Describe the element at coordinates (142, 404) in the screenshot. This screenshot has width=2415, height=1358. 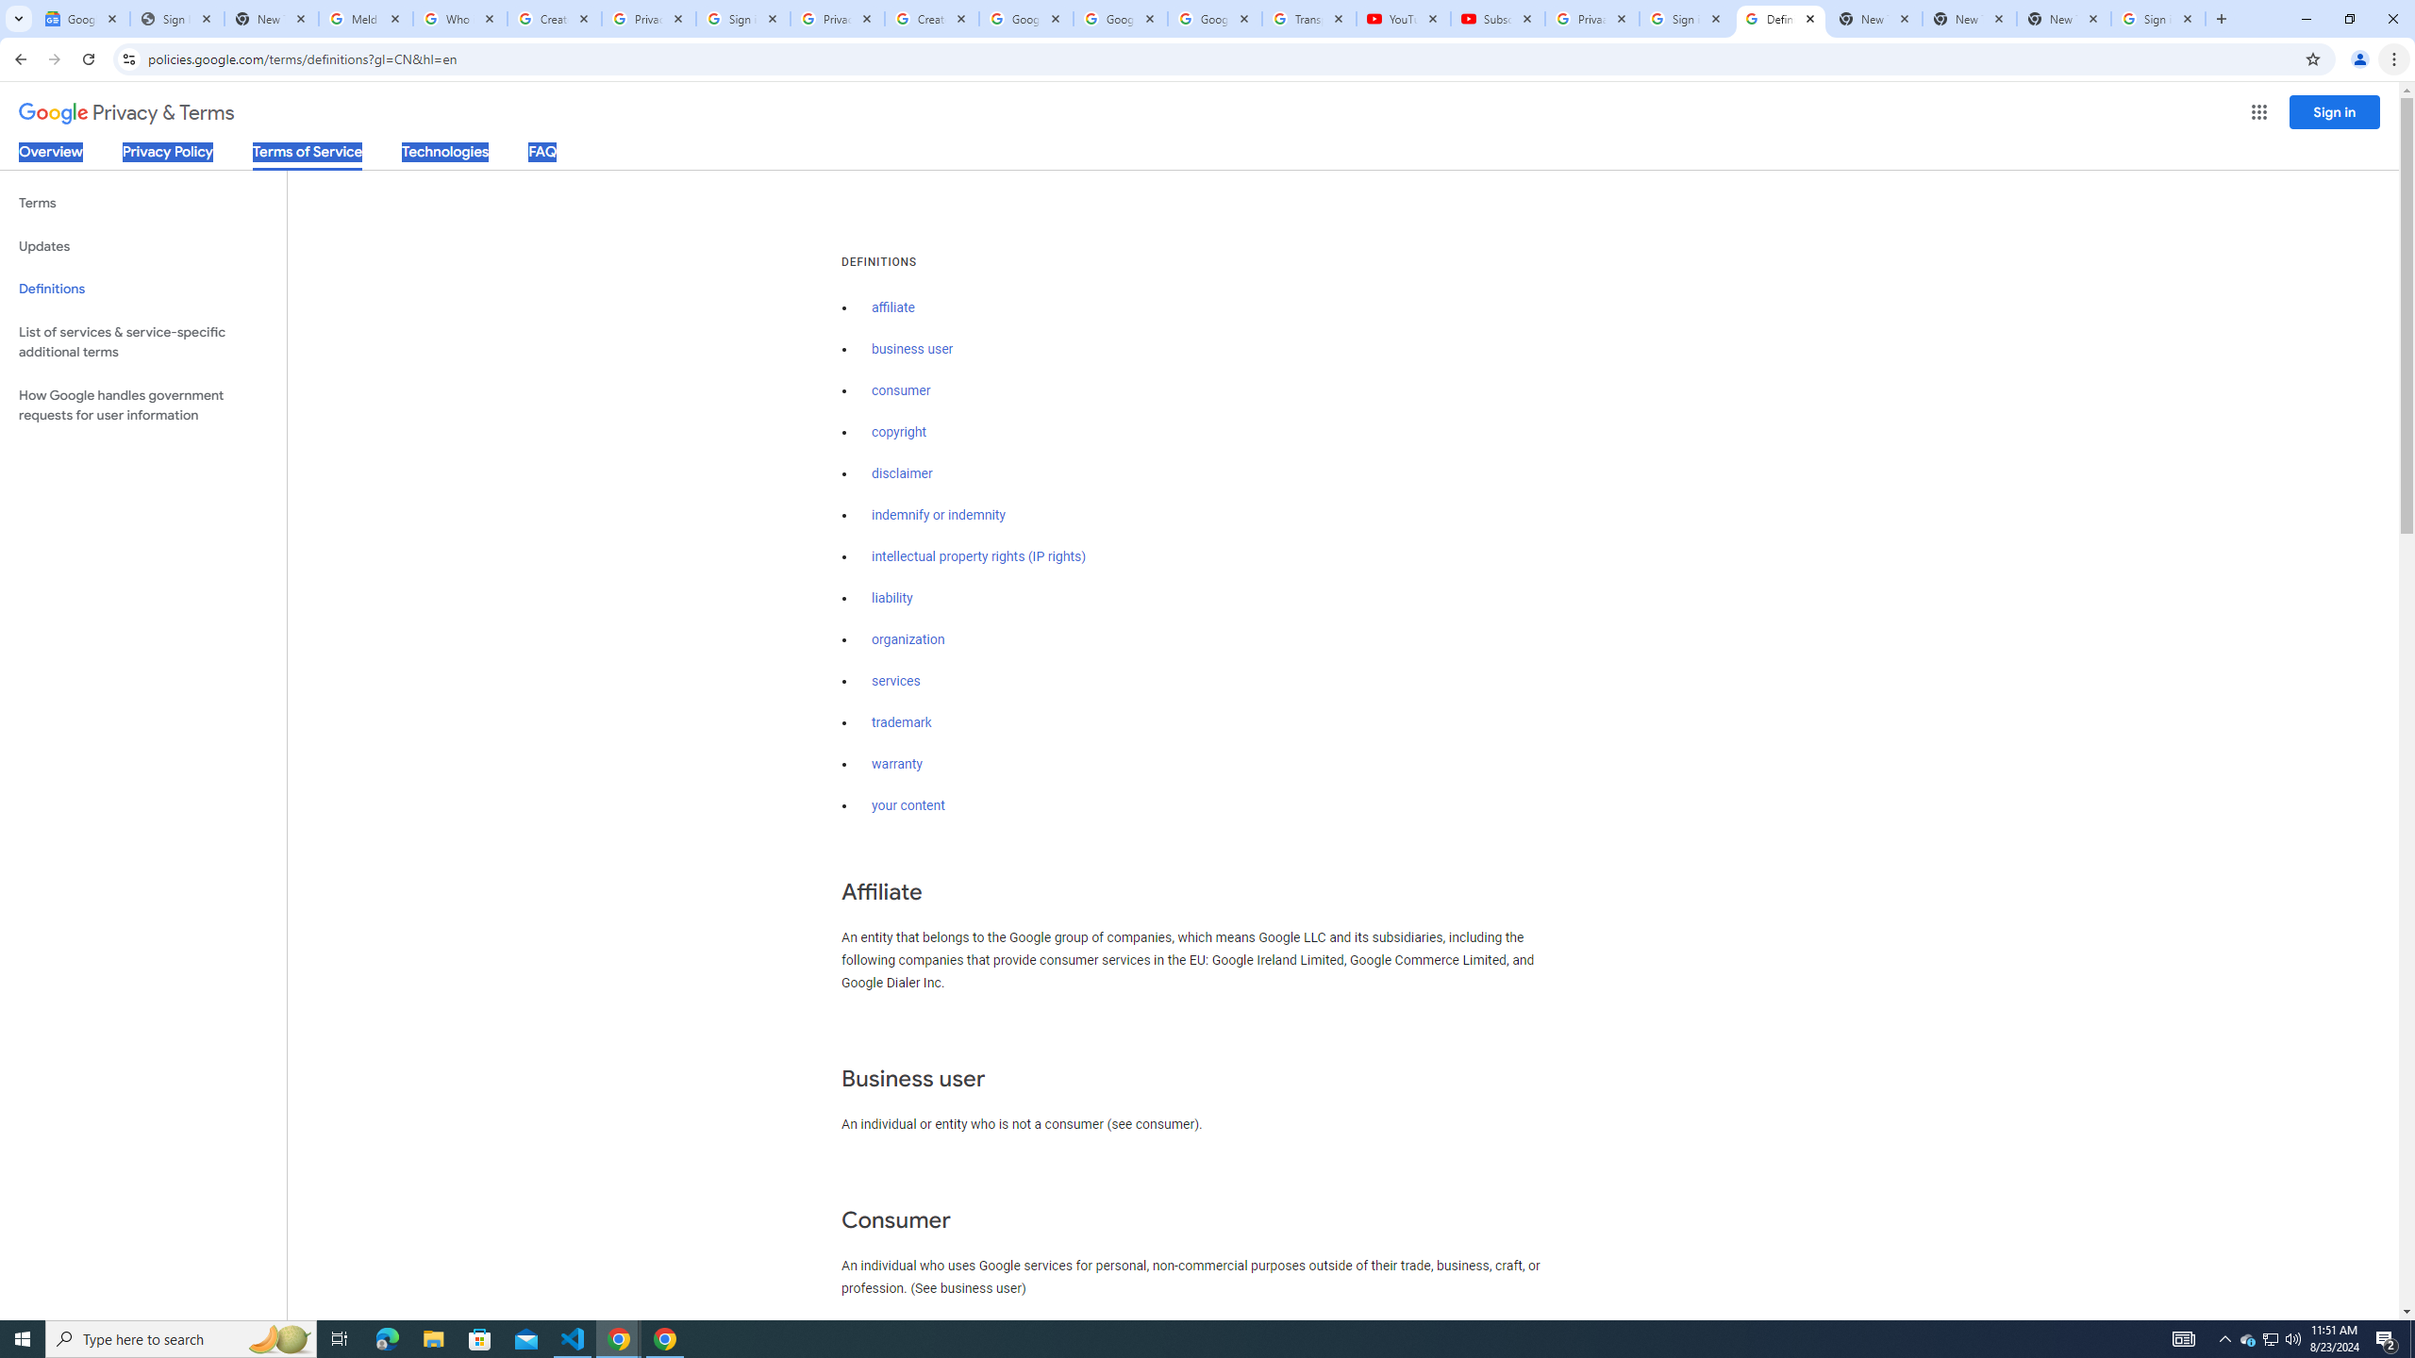
I see `'How Google handles government requests for user information'` at that location.